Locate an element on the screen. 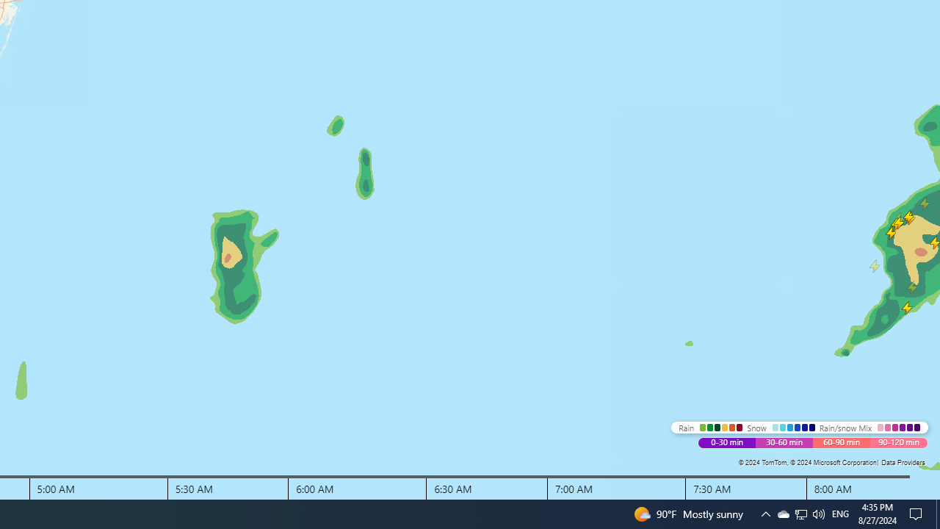 Image resolution: width=940 pixels, height=529 pixels. 'Show desktop' is located at coordinates (937, 513).